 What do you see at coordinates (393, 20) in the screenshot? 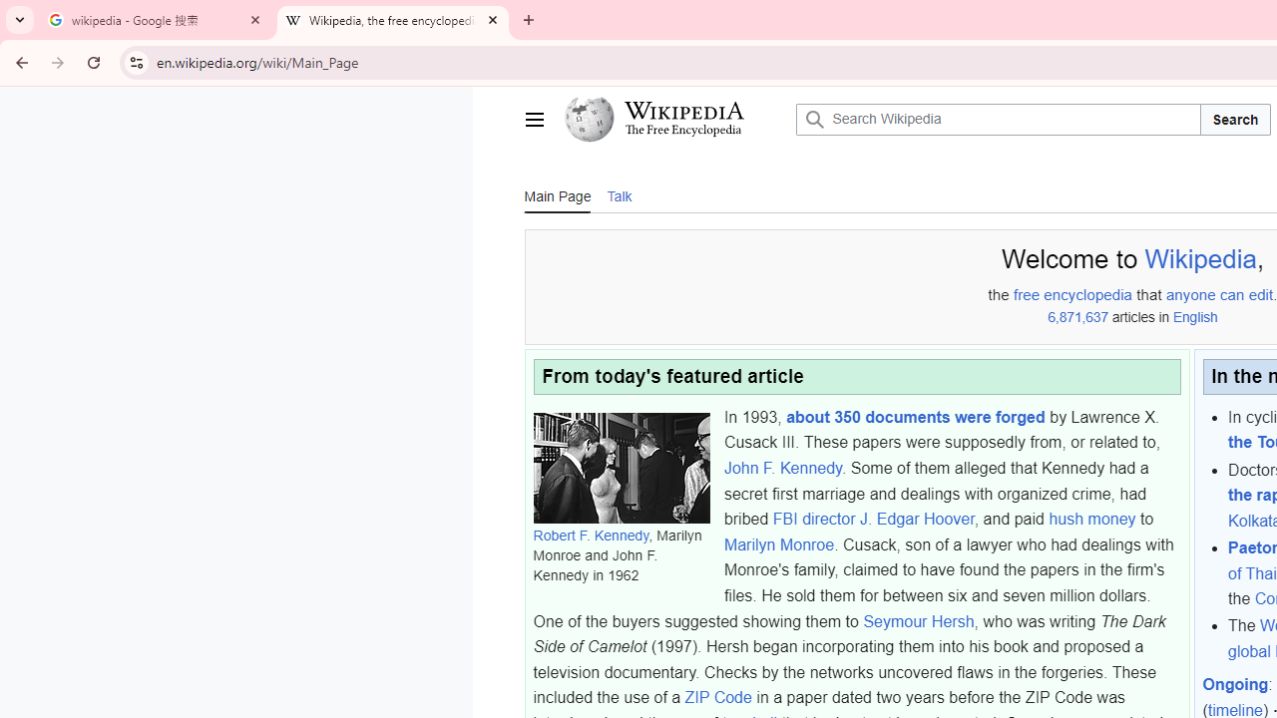
I see `'Wikipedia, the free encyclopedia'` at bounding box center [393, 20].